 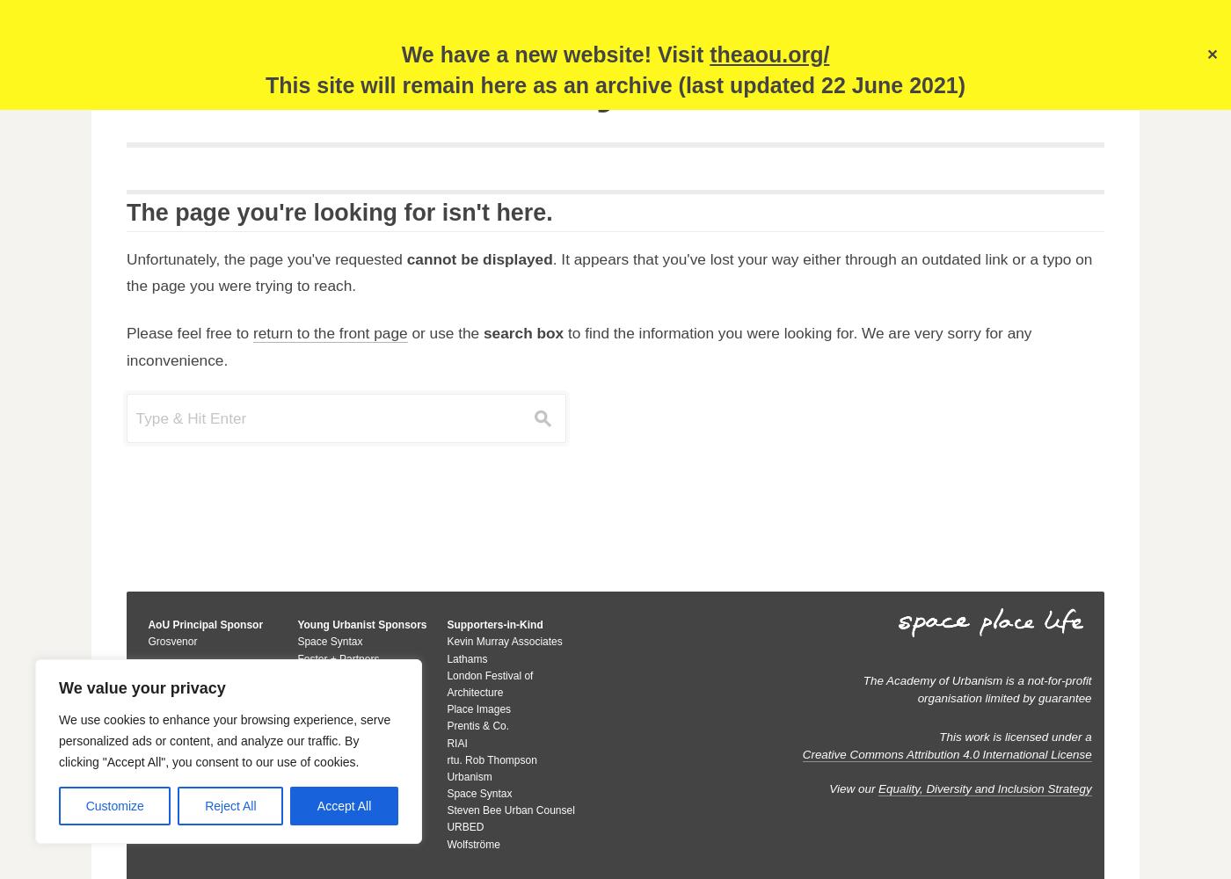 I want to click on 'Savills', so click(x=312, y=742).